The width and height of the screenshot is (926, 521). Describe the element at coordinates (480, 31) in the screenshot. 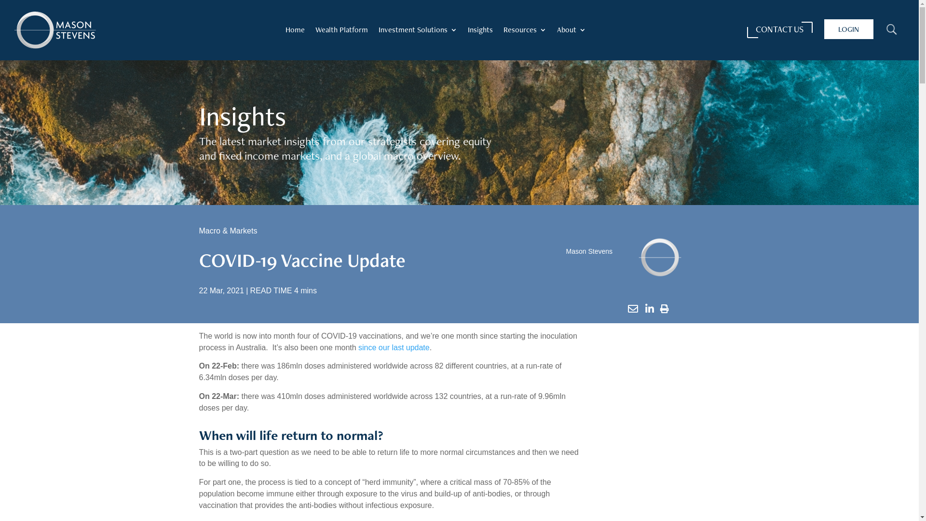

I see `'Insights'` at that location.